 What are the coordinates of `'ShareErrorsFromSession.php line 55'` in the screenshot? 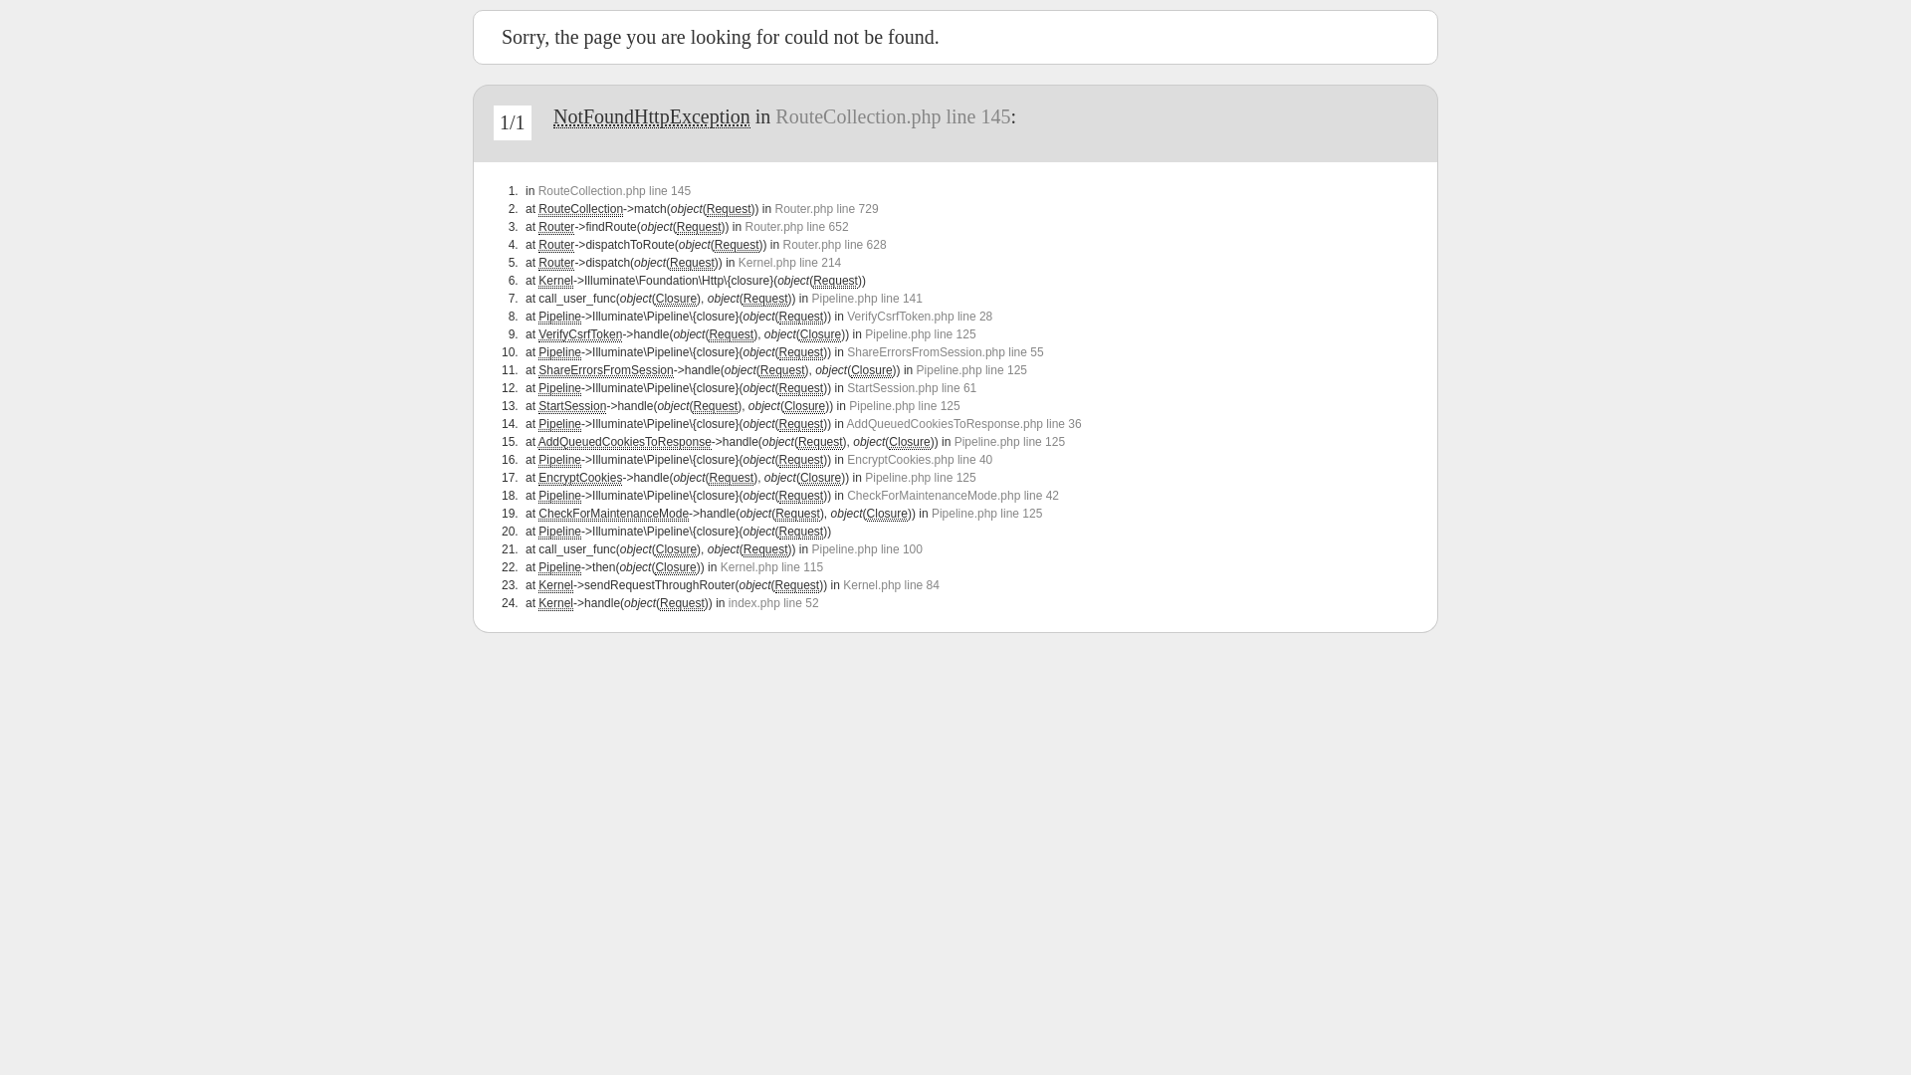 It's located at (944, 351).